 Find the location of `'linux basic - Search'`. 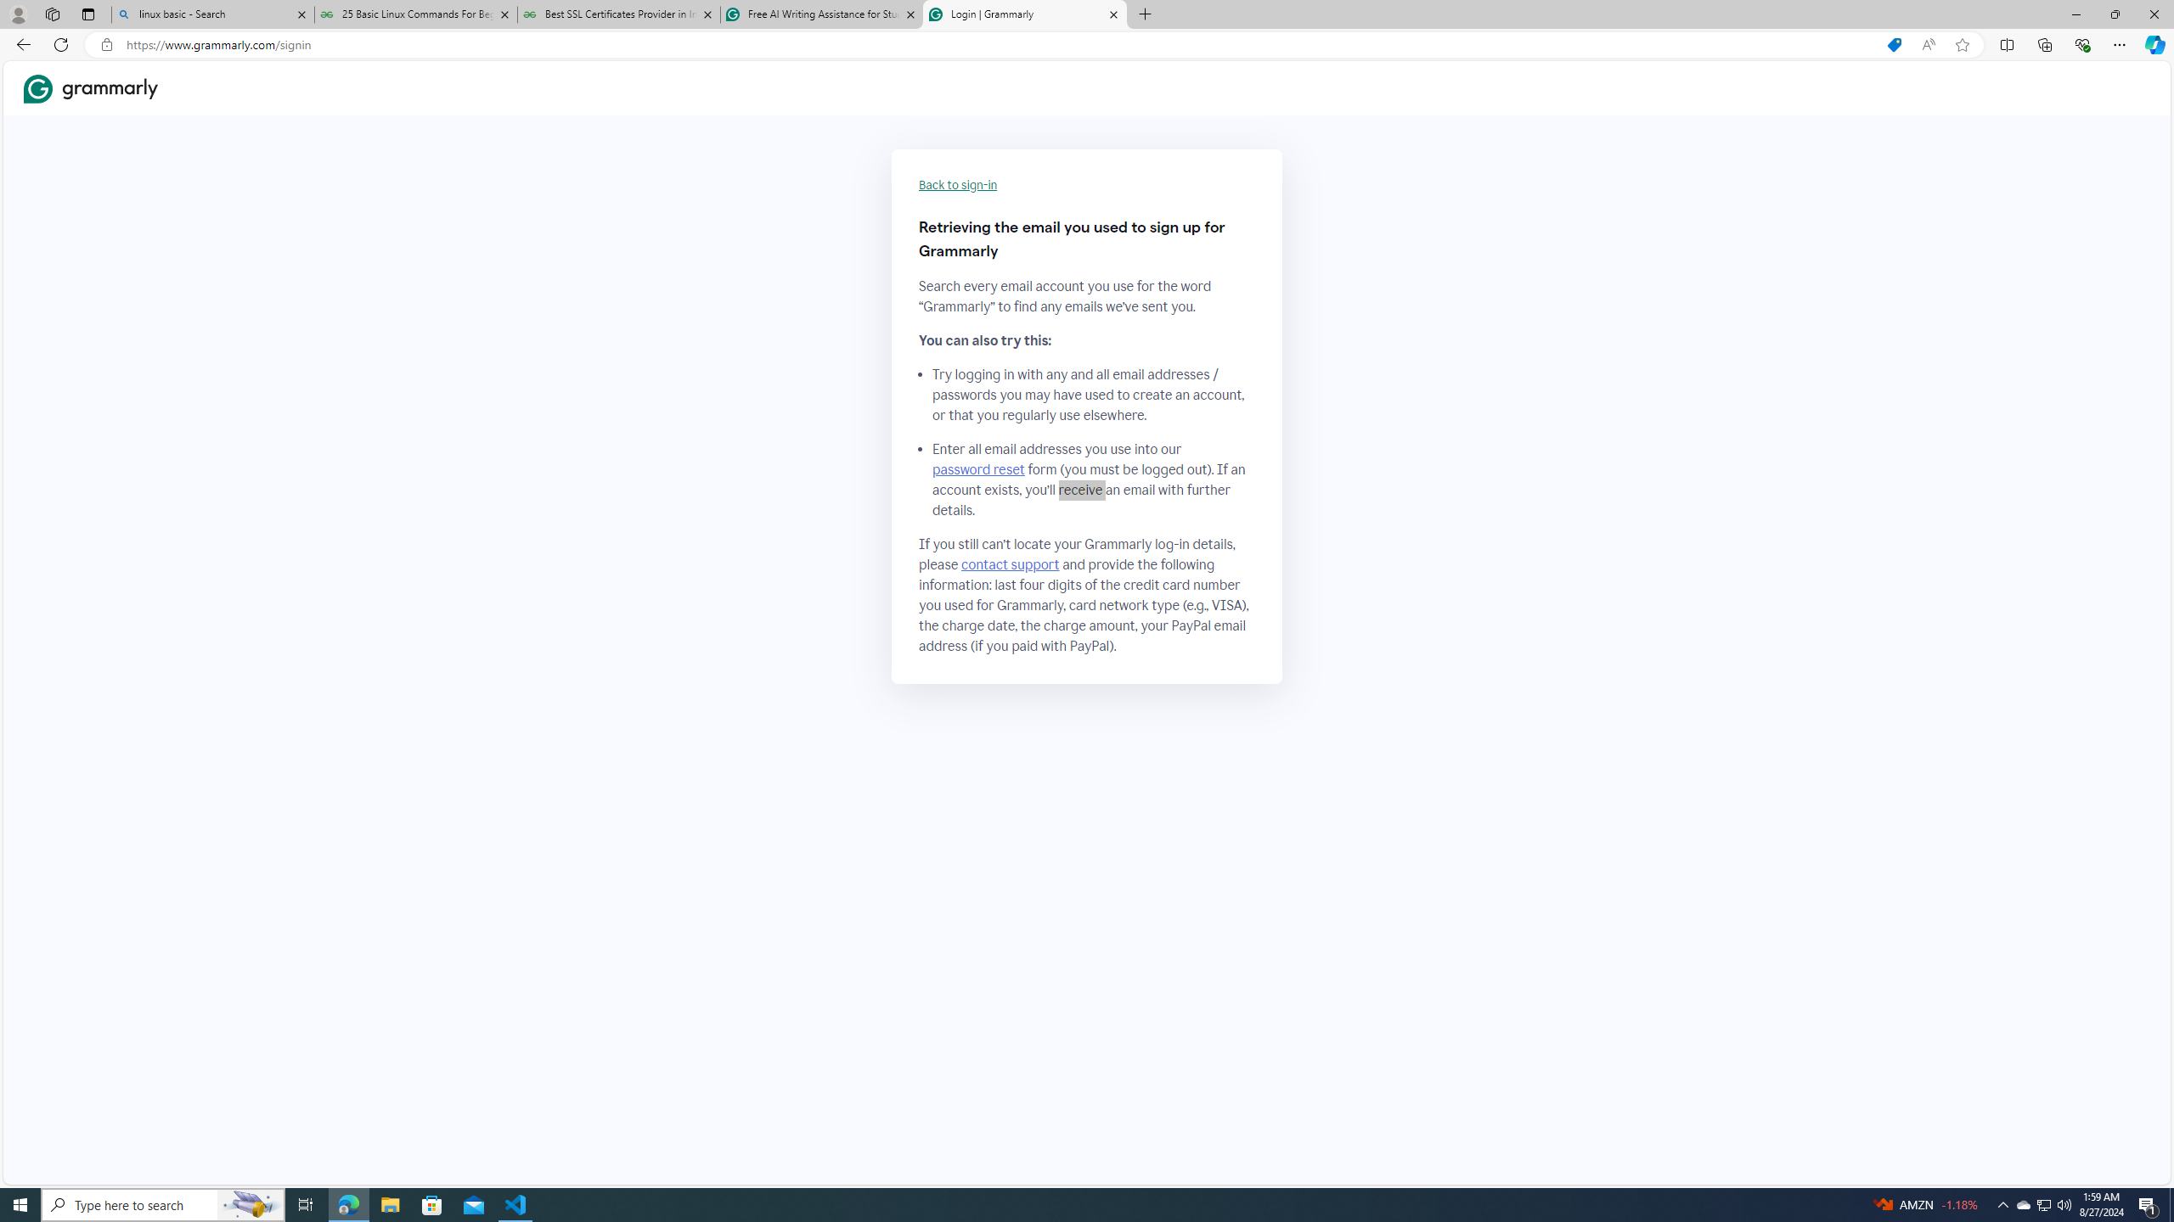

'linux basic - Search' is located at coordinates (211, 14).